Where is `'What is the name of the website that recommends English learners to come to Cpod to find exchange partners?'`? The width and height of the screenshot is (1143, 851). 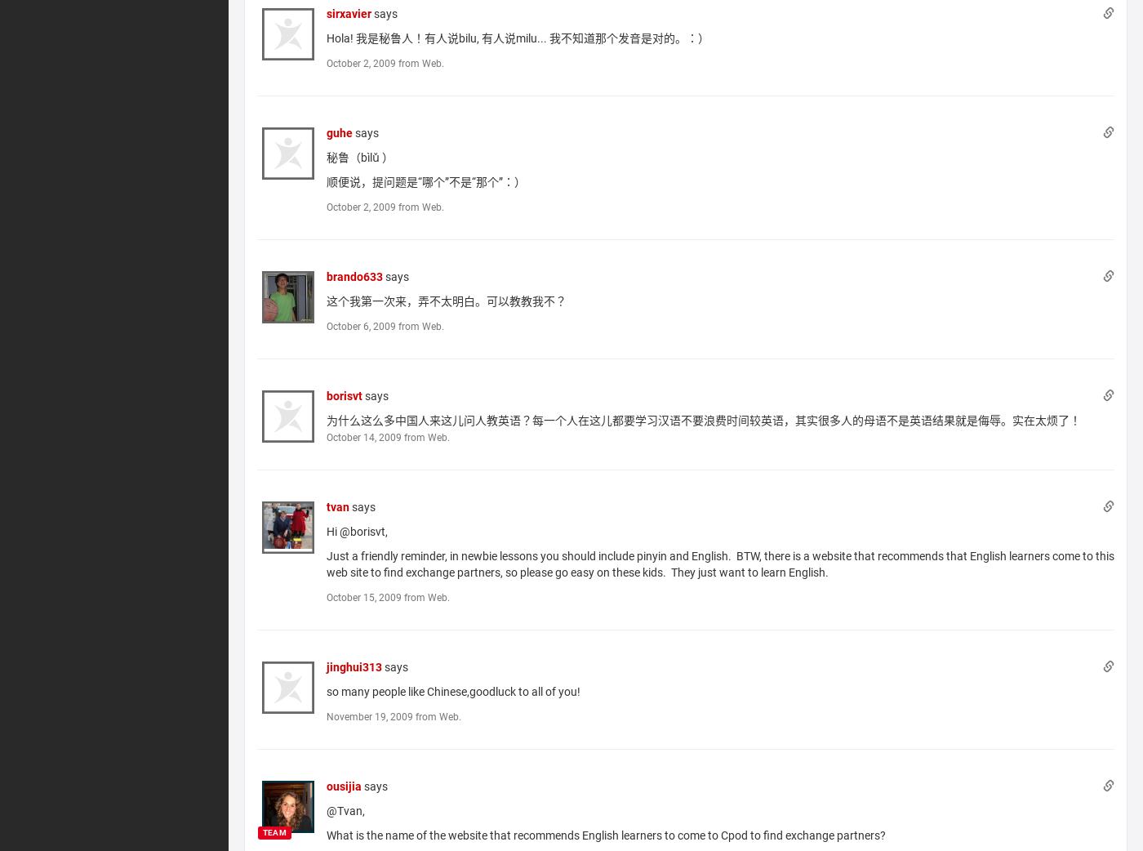
'What is the name of the website that recommends English learners to come to Cpod to find exchange partners?' is located at coordinates (606, 834).